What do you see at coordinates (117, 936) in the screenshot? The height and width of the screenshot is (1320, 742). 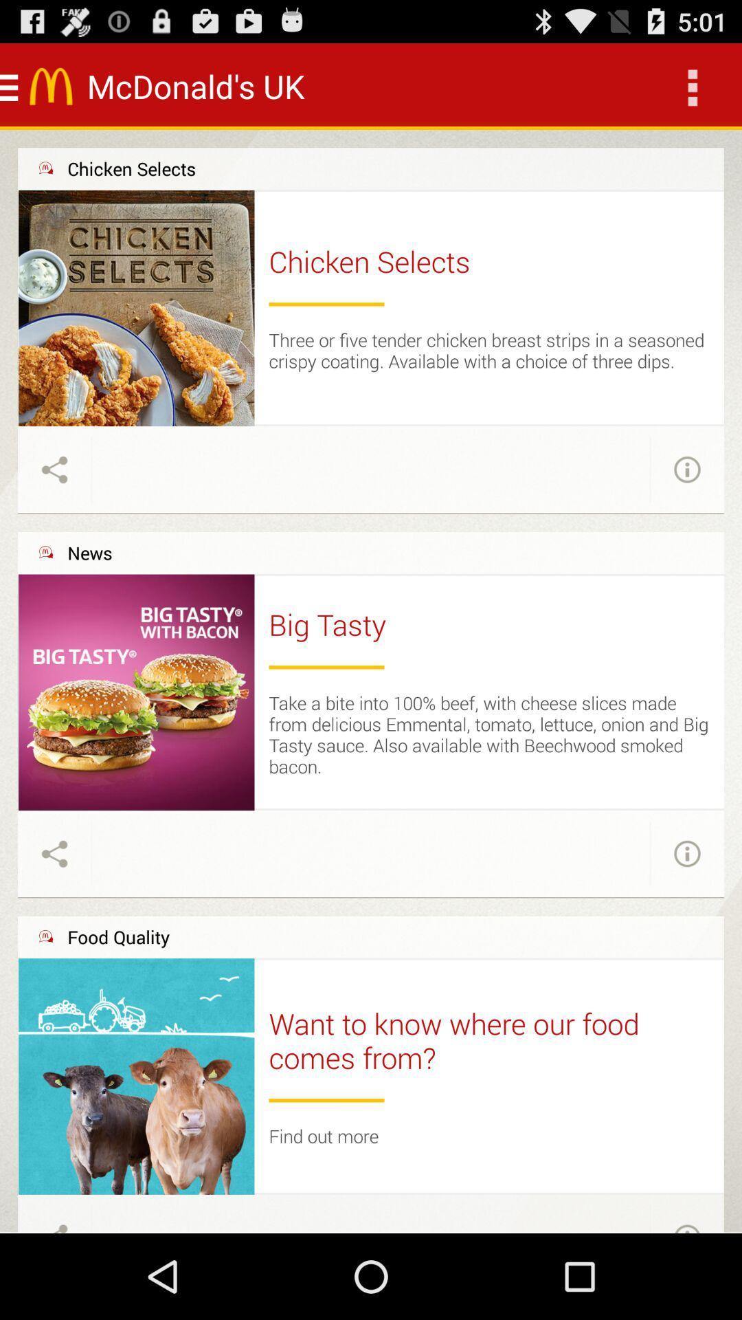 I see `the food quality` at bounding box center [117, 936].